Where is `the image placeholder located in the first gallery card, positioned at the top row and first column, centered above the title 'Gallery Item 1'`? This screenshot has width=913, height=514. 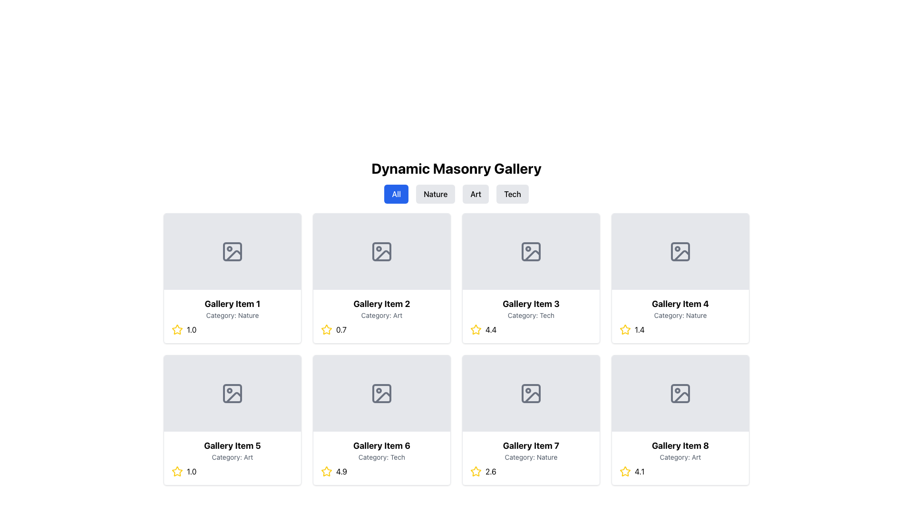
the image placeholder located in the first gallery card, positioned at the top row and first column, centered above the title 'Gallery Item 1' is located at coordinates (233, 255).